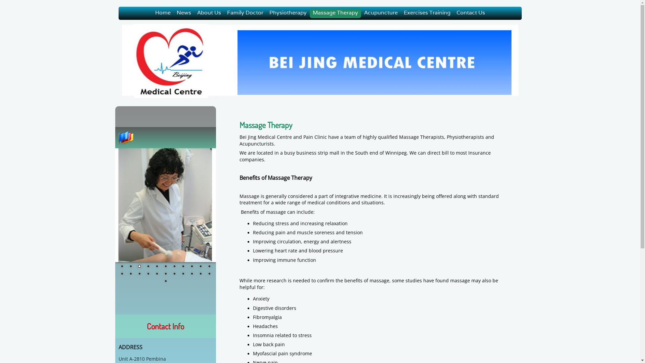  What do you see at coordinates (200, 267) in the screenshot?
I see `'10'` at bounding box center [200, 267].